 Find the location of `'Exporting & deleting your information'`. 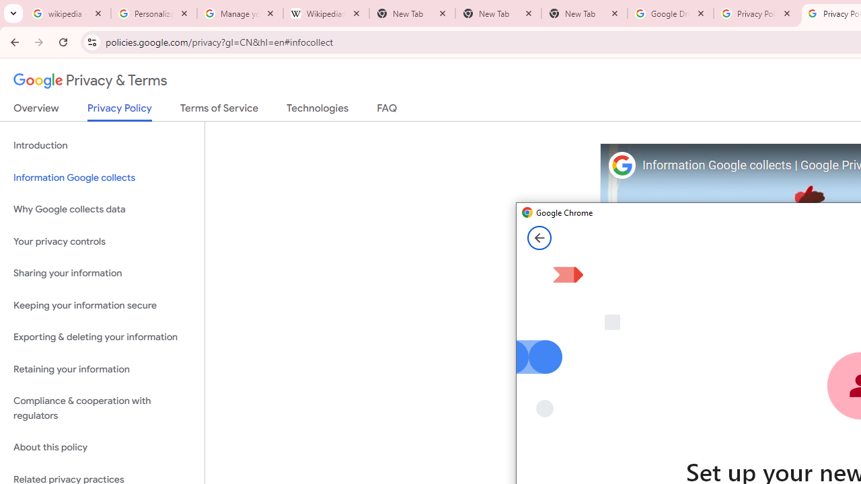

'Exporting & deleting your information' is located at coordinates (102, 337).